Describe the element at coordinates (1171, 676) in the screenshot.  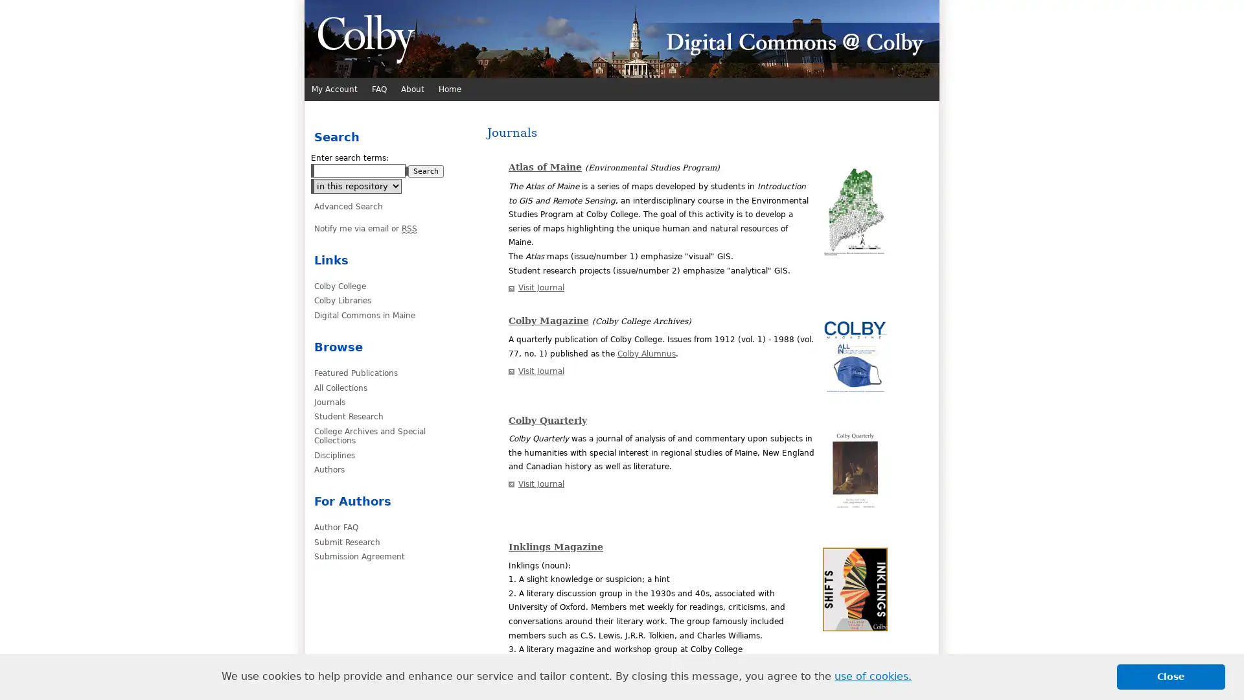
I see `dismiss cookie message` at that location.